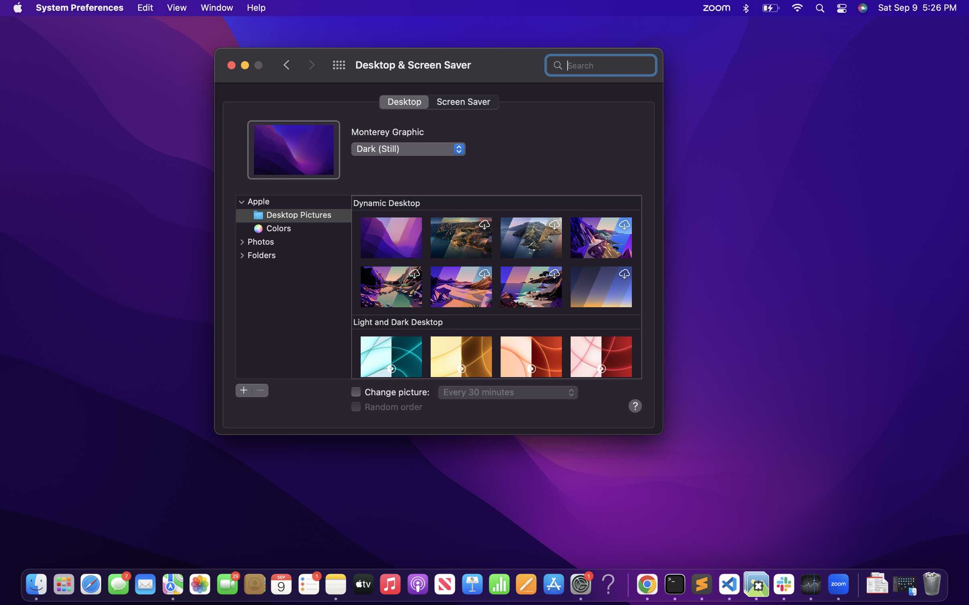  What do you see at coordinates (634, 405) in the screenshot?
I see `opening the instruction guide` at bounding box center [634, 405].